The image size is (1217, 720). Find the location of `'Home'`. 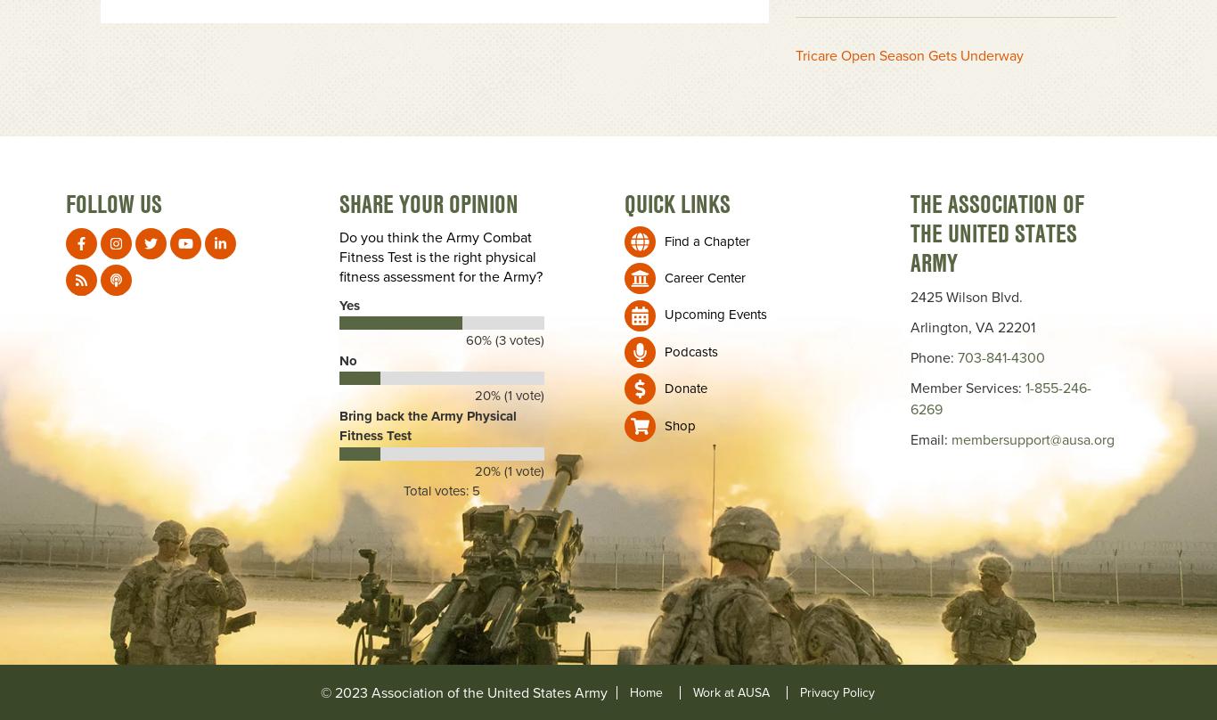

'Home' is located at coordinates (645, 691).